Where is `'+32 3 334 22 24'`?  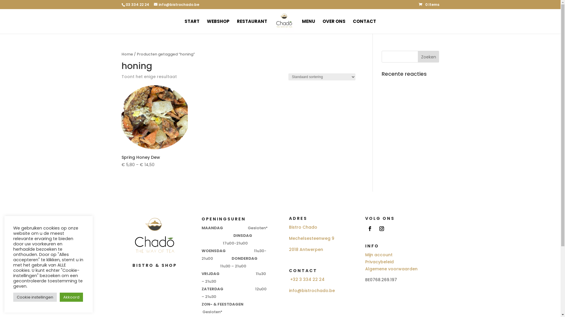
'+32 3 334 22 24' is located at coordinates (307, 279).